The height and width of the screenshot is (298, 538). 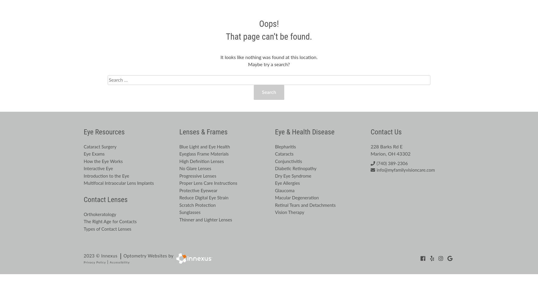 What do you see at coordinates (296, 198) in the screenshot?
I see `'Macular Degeneration'` at bounding box center [296, 198].